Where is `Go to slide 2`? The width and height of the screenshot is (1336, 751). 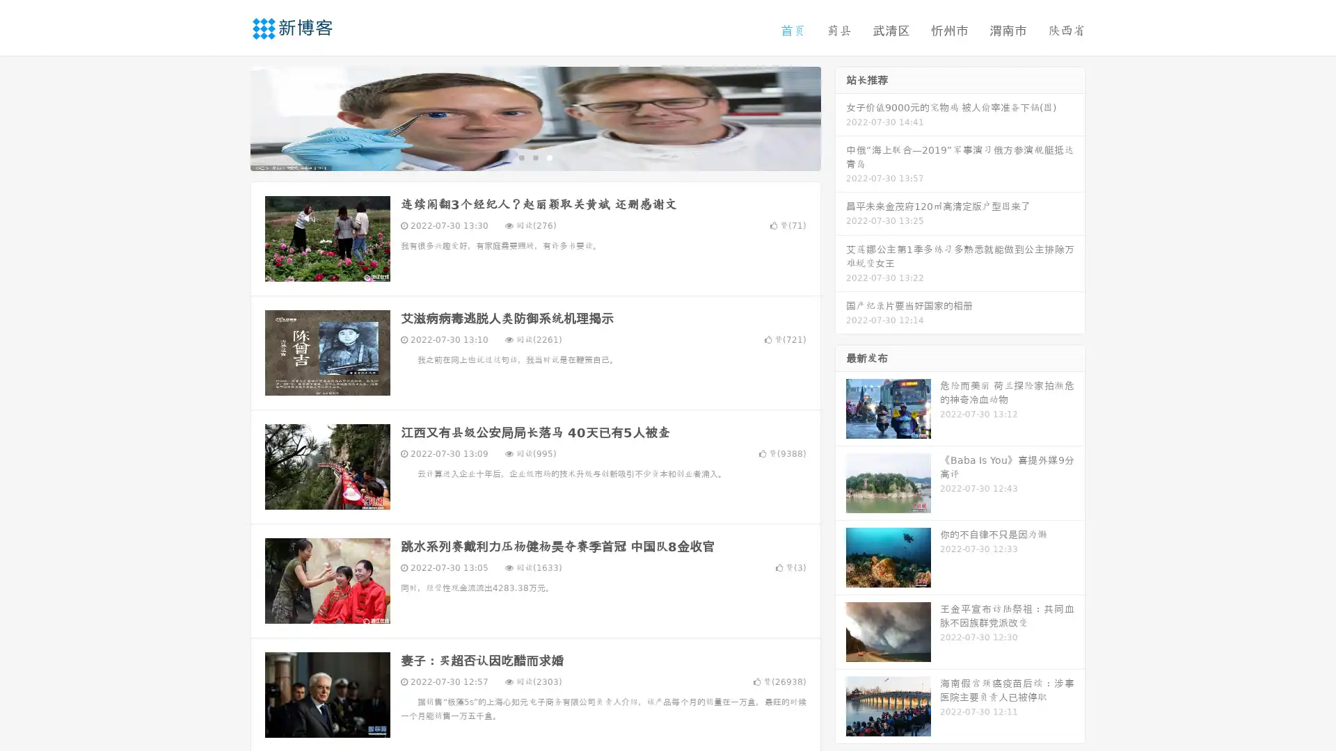 Go to slide 2 is located at coordinates (534, 156).